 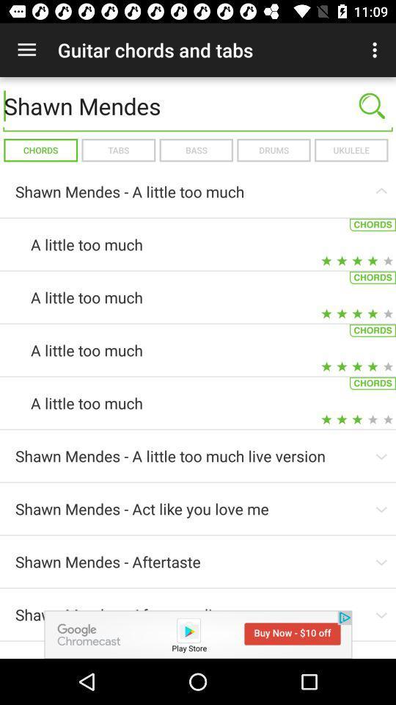 I want to click on the icon to the right of guitar chords and app, so click(x=376, y=50).